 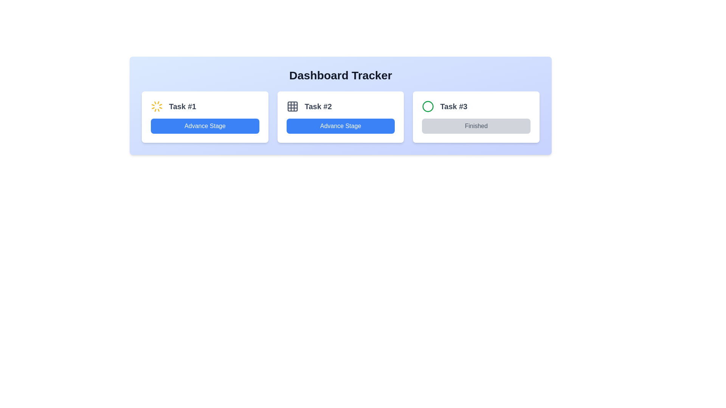 What do you see at coordinates (205, 126) in the screenshot?
I see `the button labeled 'Advance Stage' with a blue background and rounded corners to change its shade` at bounding box center [205, 126].